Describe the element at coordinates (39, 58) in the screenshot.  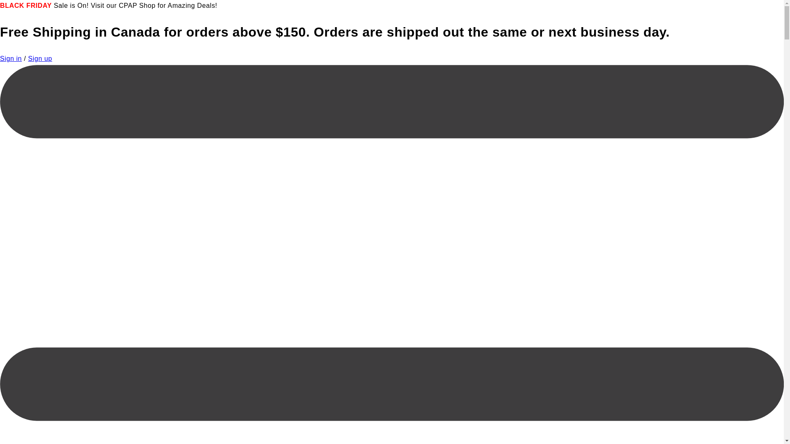
I see `'Sign up'` at that location.